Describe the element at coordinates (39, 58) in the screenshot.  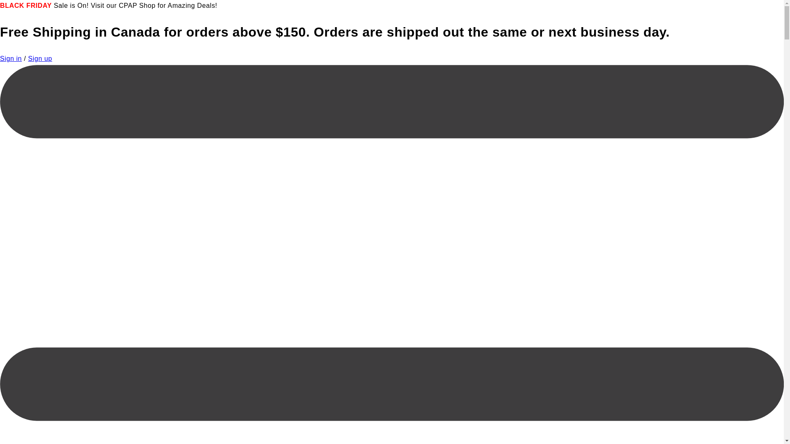
I see `'Sign up'` at that location.